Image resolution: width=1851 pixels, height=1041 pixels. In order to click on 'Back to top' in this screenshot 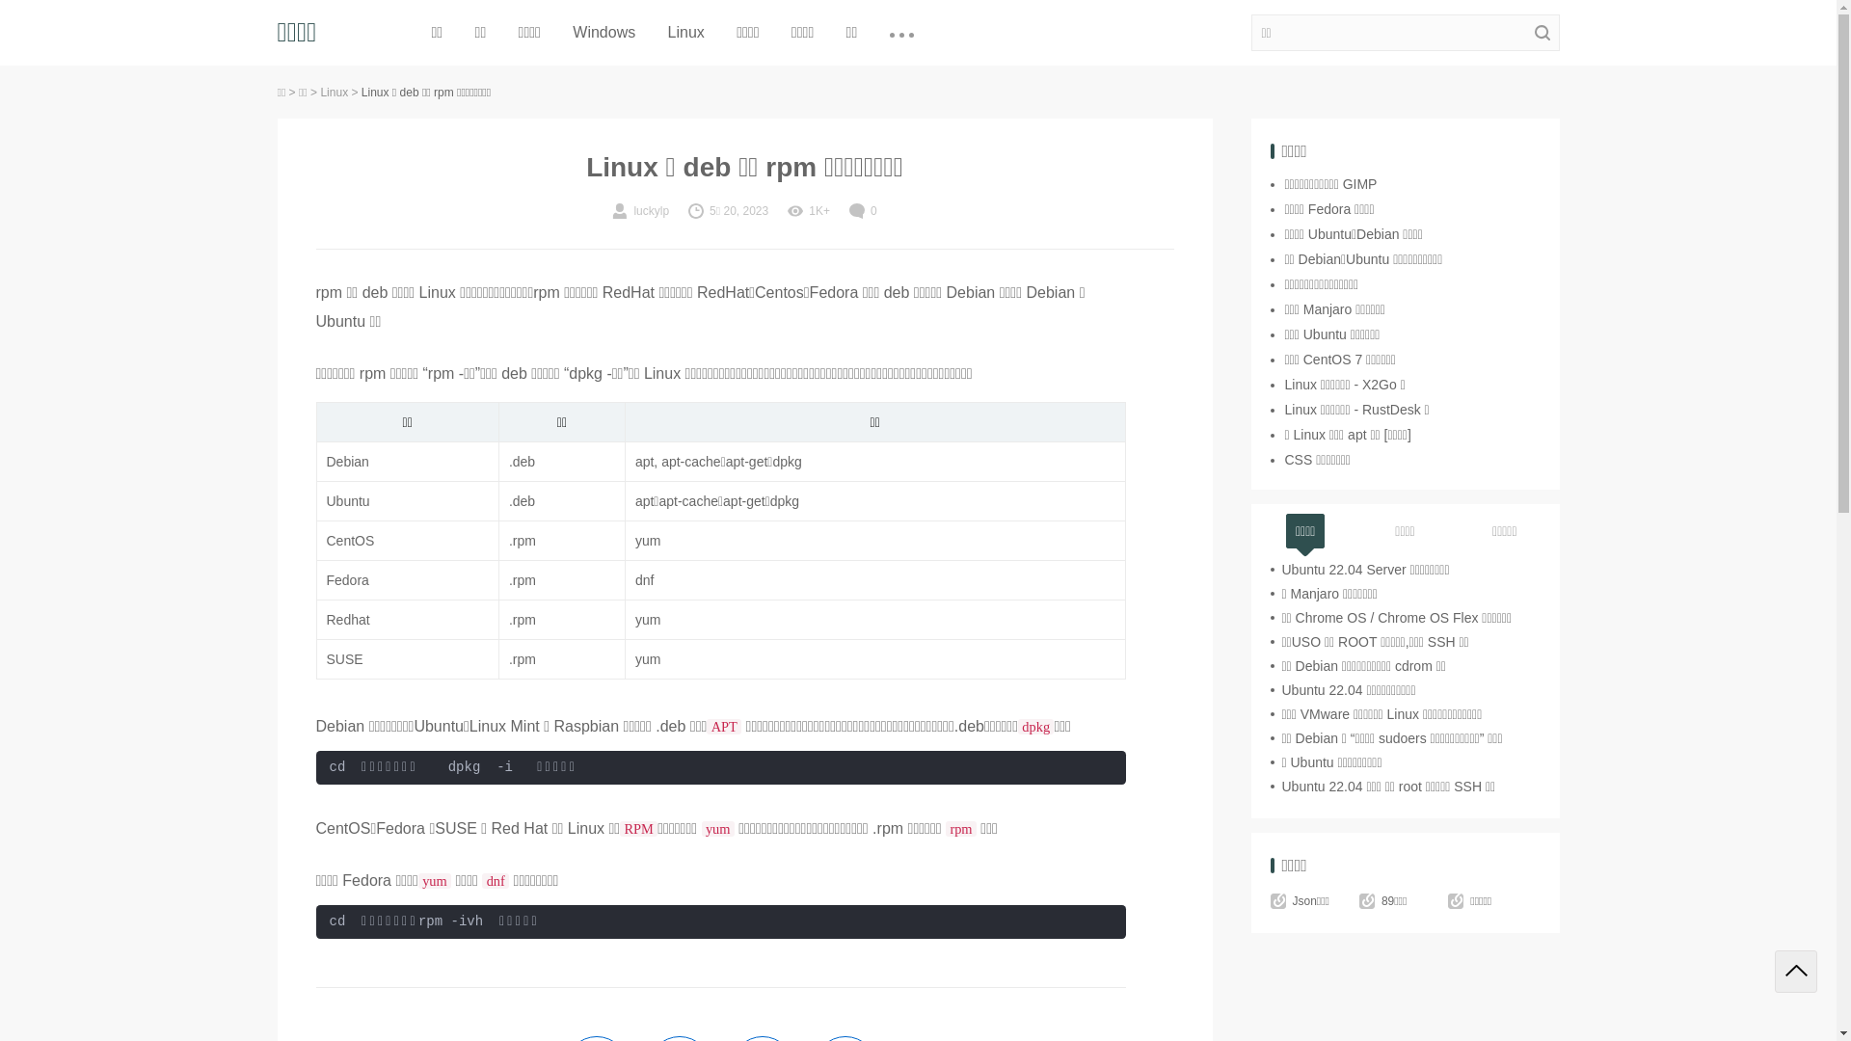, I will do `click(1774, 971)`.